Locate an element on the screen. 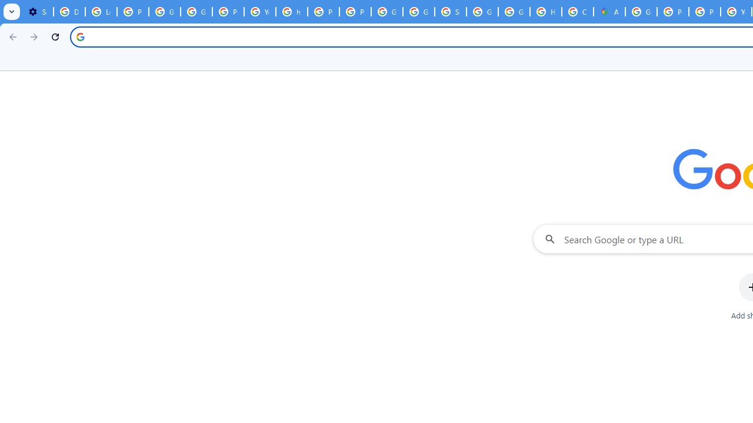 This screenshot has height=423, width=753. 'Privacy Help Center - Policies Help' is located at coordinates (673, 12).